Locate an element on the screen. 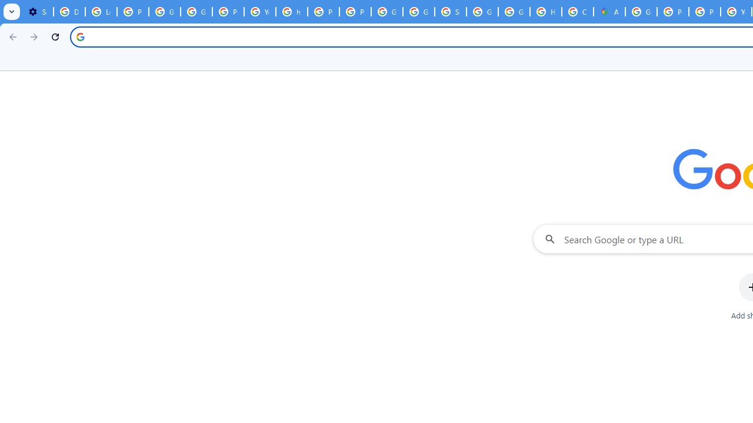 This screenshot has height=423, width=753. 'Privacy Help Center - Policies Help' is located at coordinates (673, 12).